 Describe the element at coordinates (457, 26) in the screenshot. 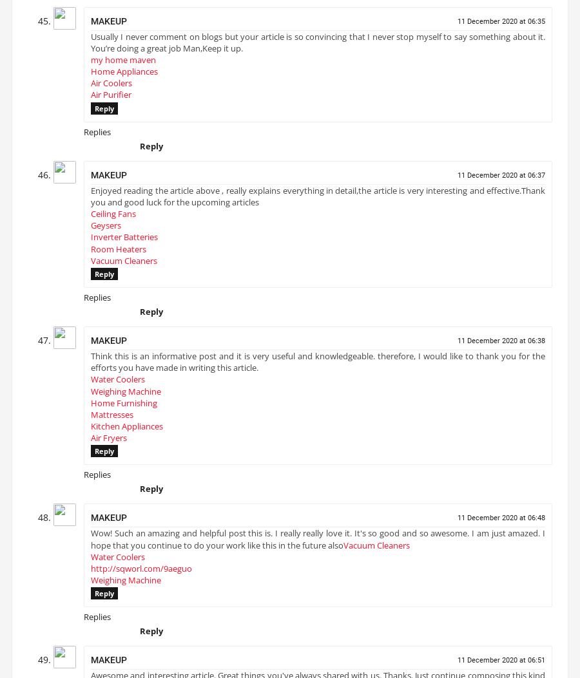

I see `'11 December 2020 at 06:35'` at that location.